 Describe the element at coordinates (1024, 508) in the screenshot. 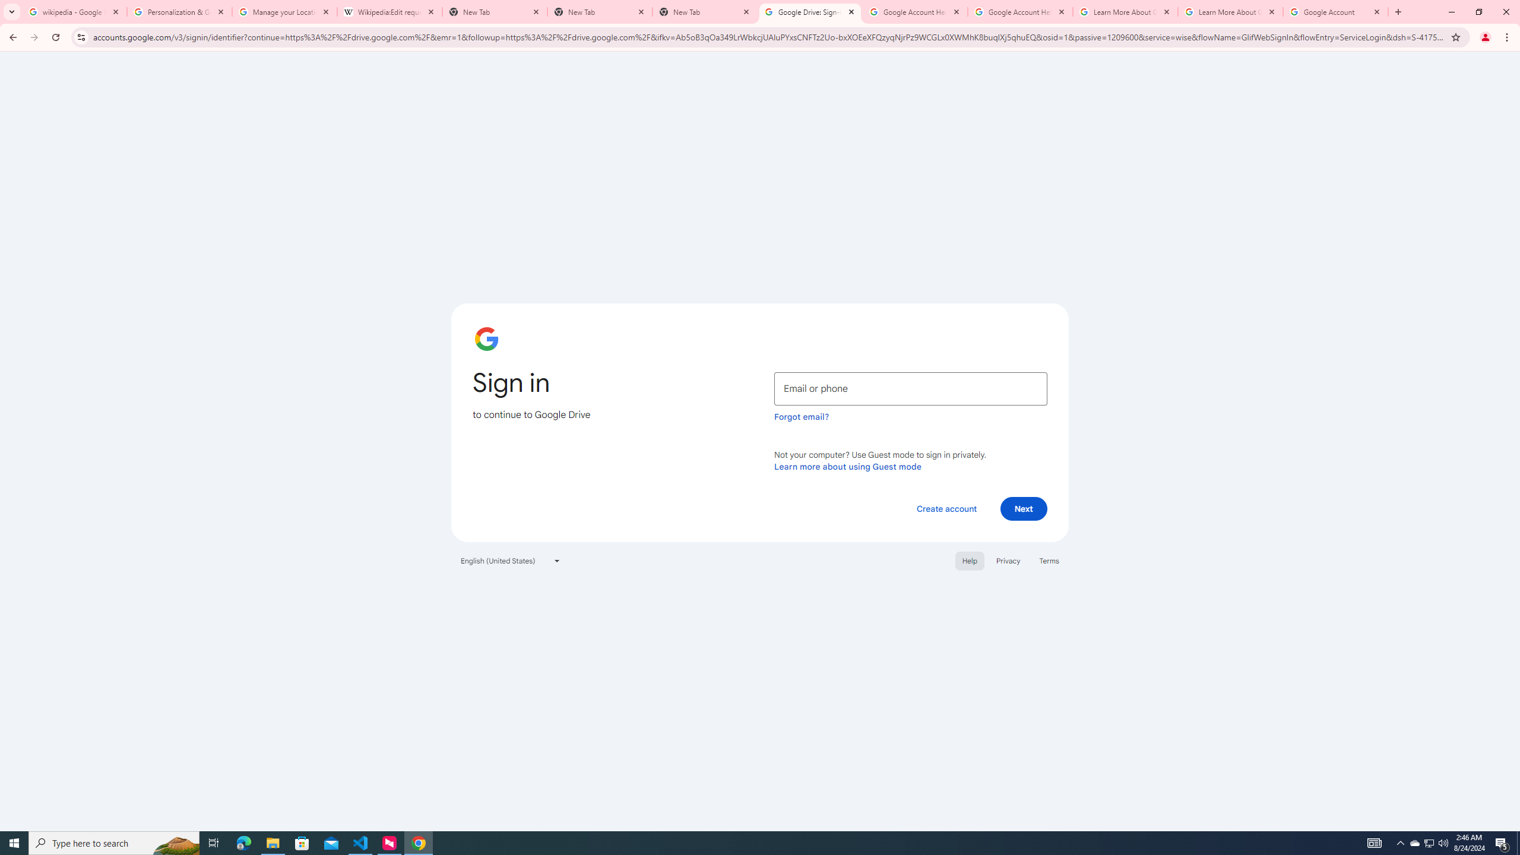

I see `'Next'` at that location.